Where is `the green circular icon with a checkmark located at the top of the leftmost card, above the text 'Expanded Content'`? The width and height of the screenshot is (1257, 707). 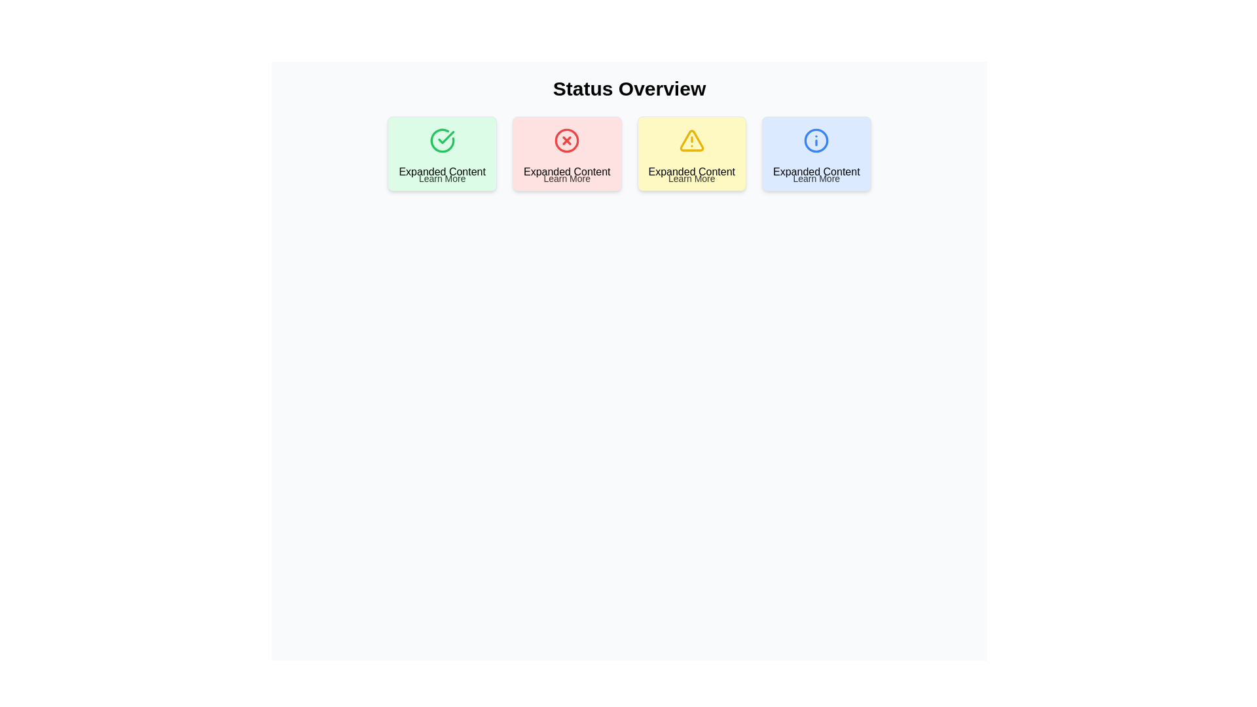 the green circular icon with a checkmark located at the top of the leftmost card, above the text 'Expanded Content' is located at coordinates (442, 141).